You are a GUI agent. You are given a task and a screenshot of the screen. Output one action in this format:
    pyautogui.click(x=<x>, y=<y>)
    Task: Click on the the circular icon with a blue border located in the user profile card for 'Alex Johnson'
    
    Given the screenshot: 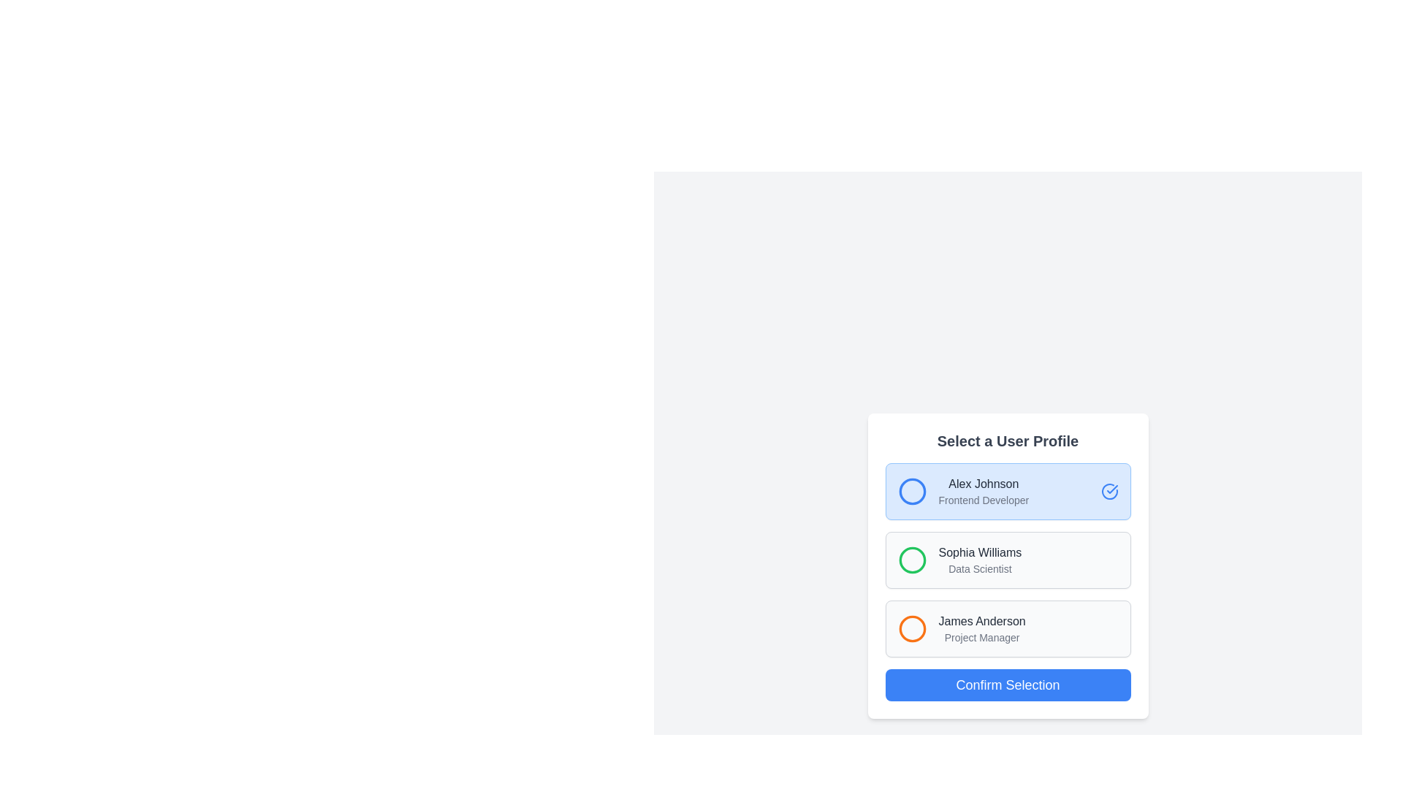 What is the action you would take?
    pyautogui.click(x=911, y=491)
    